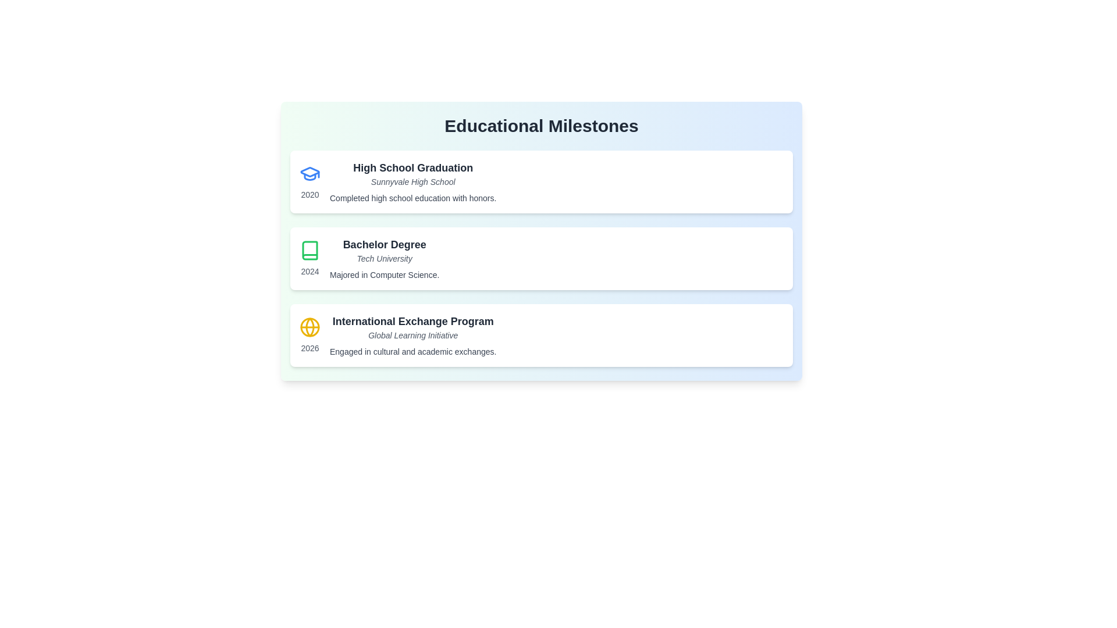 Image resolution: width=1117 pixels, height=628 pixels. I want to click on the heading text 'Bachelor Degree', which is styled with a bold font and dark gray color, located in the second educational milestones card from the top, so click(385, 244).